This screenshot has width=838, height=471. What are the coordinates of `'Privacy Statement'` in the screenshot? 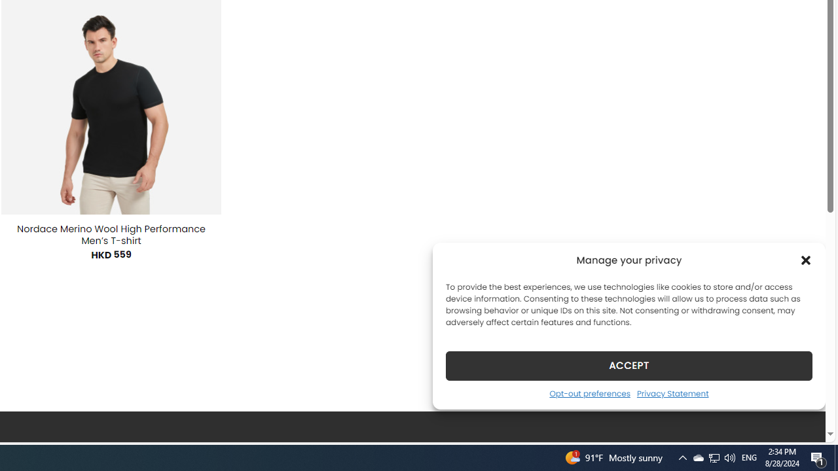 It's located at (672, 392).